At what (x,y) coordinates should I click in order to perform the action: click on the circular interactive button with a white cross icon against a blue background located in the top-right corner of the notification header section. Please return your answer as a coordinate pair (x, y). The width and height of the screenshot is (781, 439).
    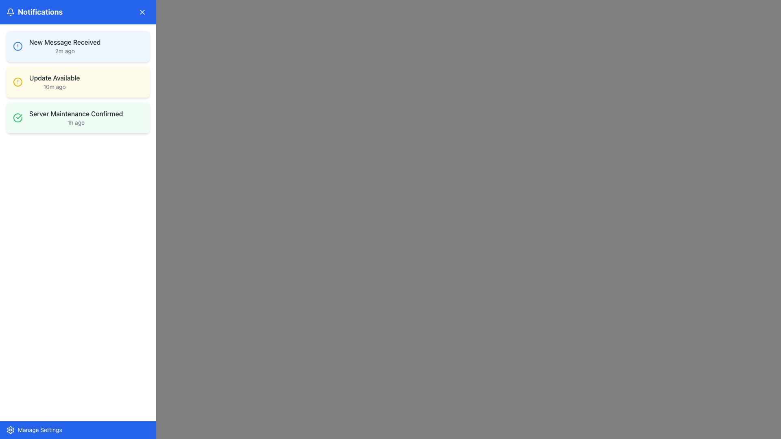
    Looking at the image, I should click on (142, 12).